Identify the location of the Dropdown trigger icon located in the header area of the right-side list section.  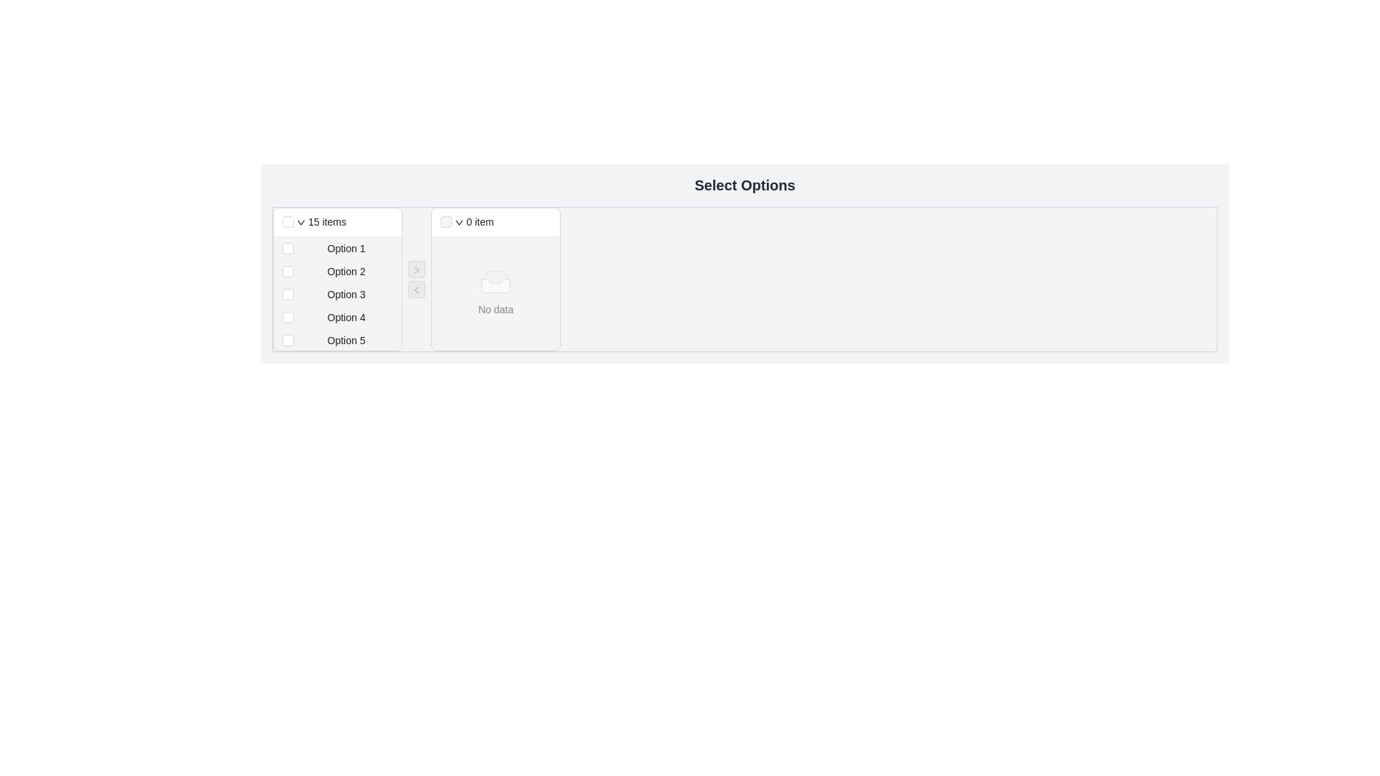
(458, 222).